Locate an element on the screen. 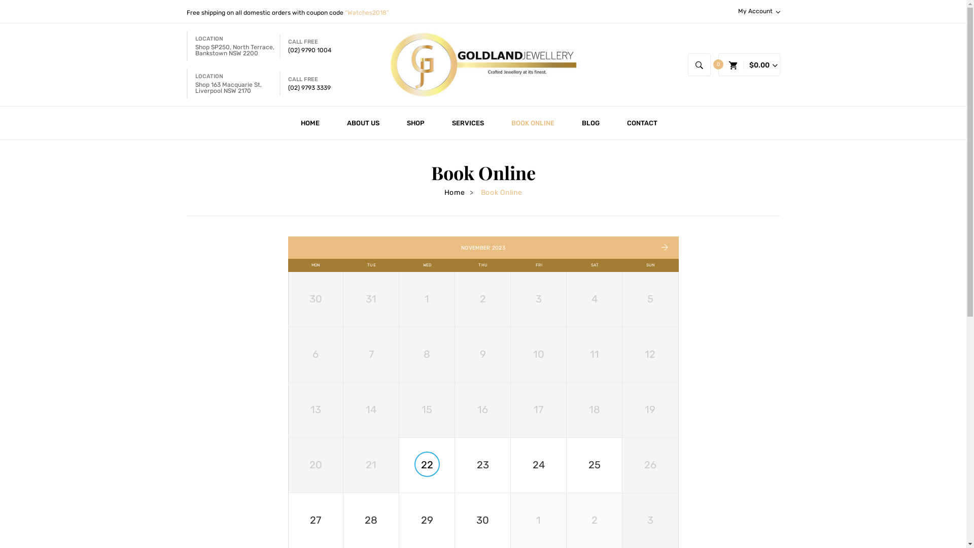 This screenshot has width=974, height=548. 'HOME' is located at coordinates (314, 122).